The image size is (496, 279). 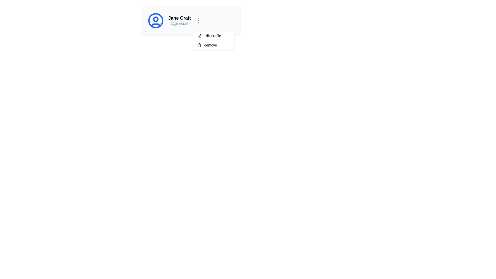 I want to click on the 'Edit Profile' icon located near the 'Edit Profile' text, so click(x=199, y=35).